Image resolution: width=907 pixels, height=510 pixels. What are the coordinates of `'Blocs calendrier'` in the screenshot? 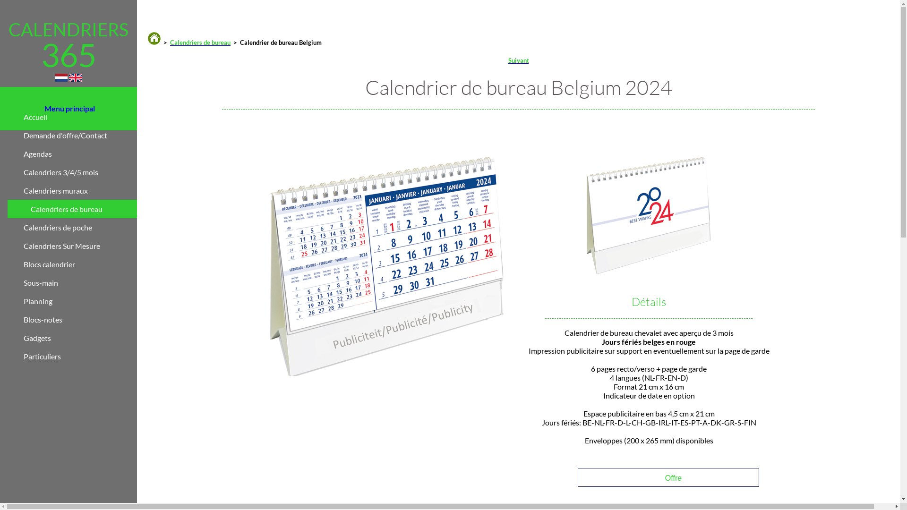 It's located at (80, 264).